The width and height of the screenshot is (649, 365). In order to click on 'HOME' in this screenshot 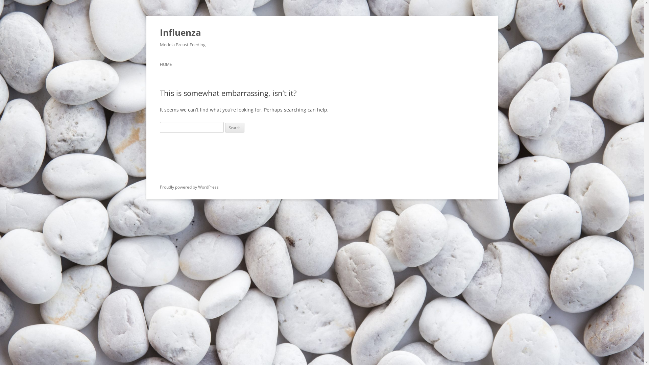, I will do `click(159, 65)`.